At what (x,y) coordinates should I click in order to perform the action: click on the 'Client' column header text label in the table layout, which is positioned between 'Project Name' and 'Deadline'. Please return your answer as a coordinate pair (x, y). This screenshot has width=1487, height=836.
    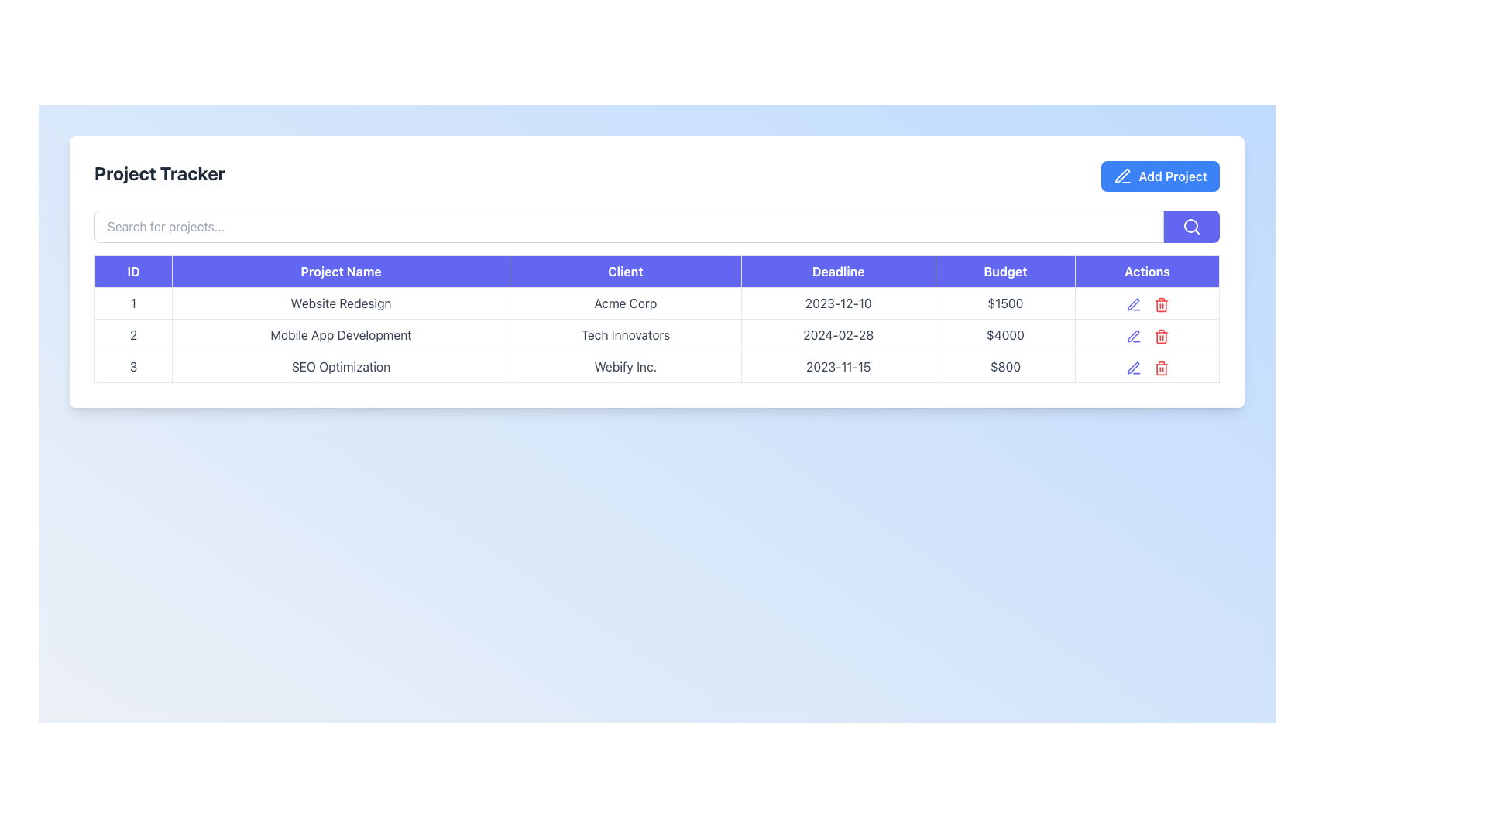
    Looking at the image, I should click on (625, 271).